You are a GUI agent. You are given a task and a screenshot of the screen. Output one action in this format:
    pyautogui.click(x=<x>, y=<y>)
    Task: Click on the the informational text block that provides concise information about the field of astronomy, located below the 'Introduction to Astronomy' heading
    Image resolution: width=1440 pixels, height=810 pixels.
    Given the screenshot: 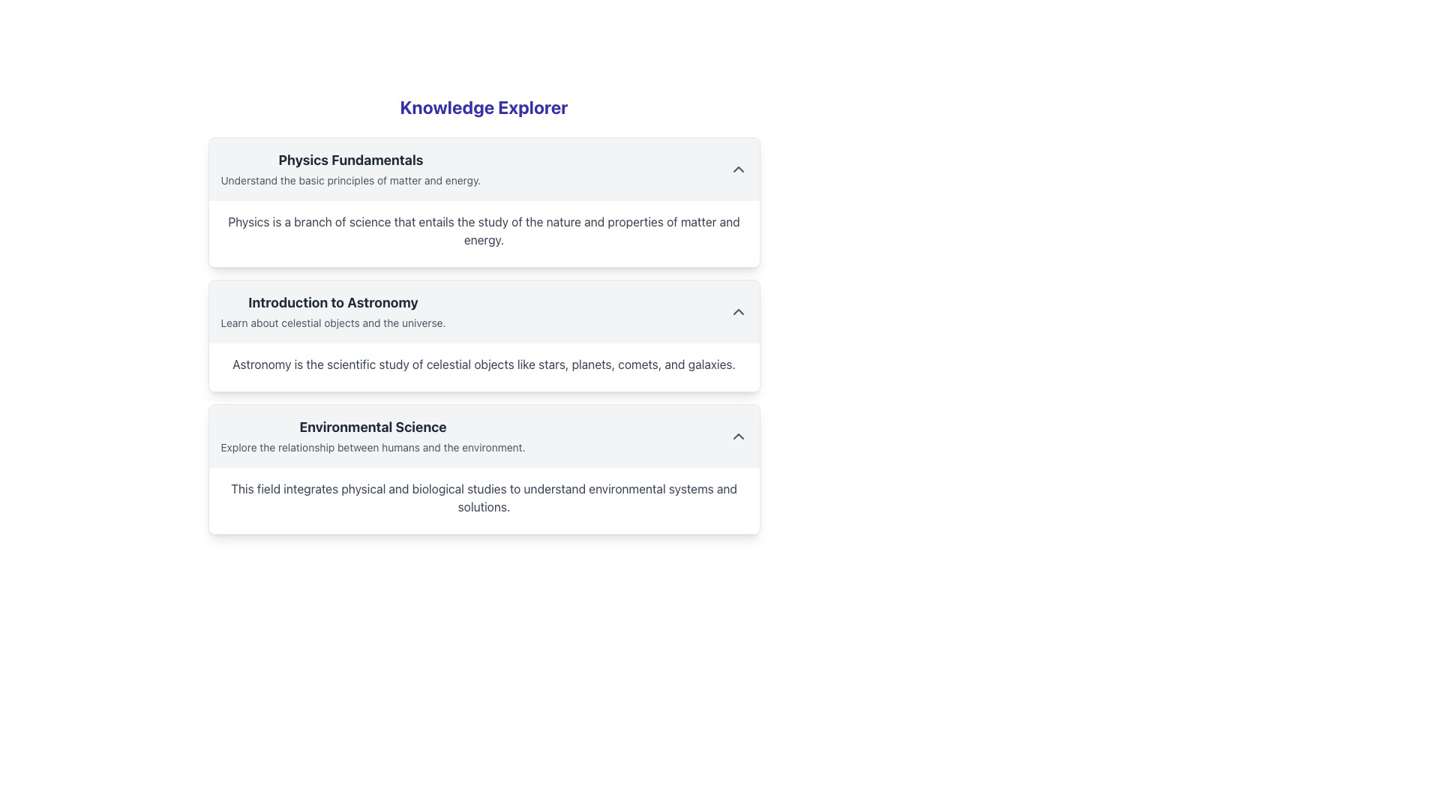 What is the action you would take?
    pyautogui.click(x=484, y=364)
    